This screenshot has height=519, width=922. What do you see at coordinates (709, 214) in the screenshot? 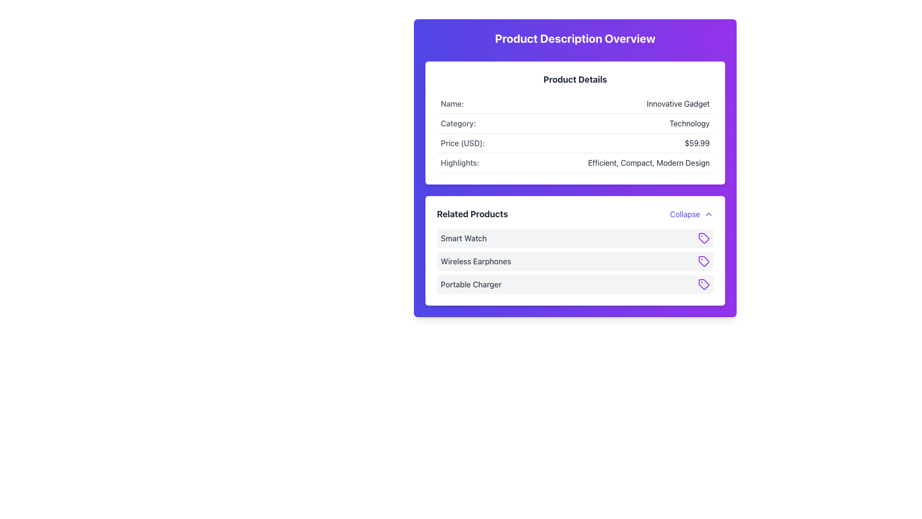
I see `the upward-pointing chevron icon located to the right of the 'Collapse' label in the top-right corner of the 'Related Products' section` at bounding box center [709, 214].